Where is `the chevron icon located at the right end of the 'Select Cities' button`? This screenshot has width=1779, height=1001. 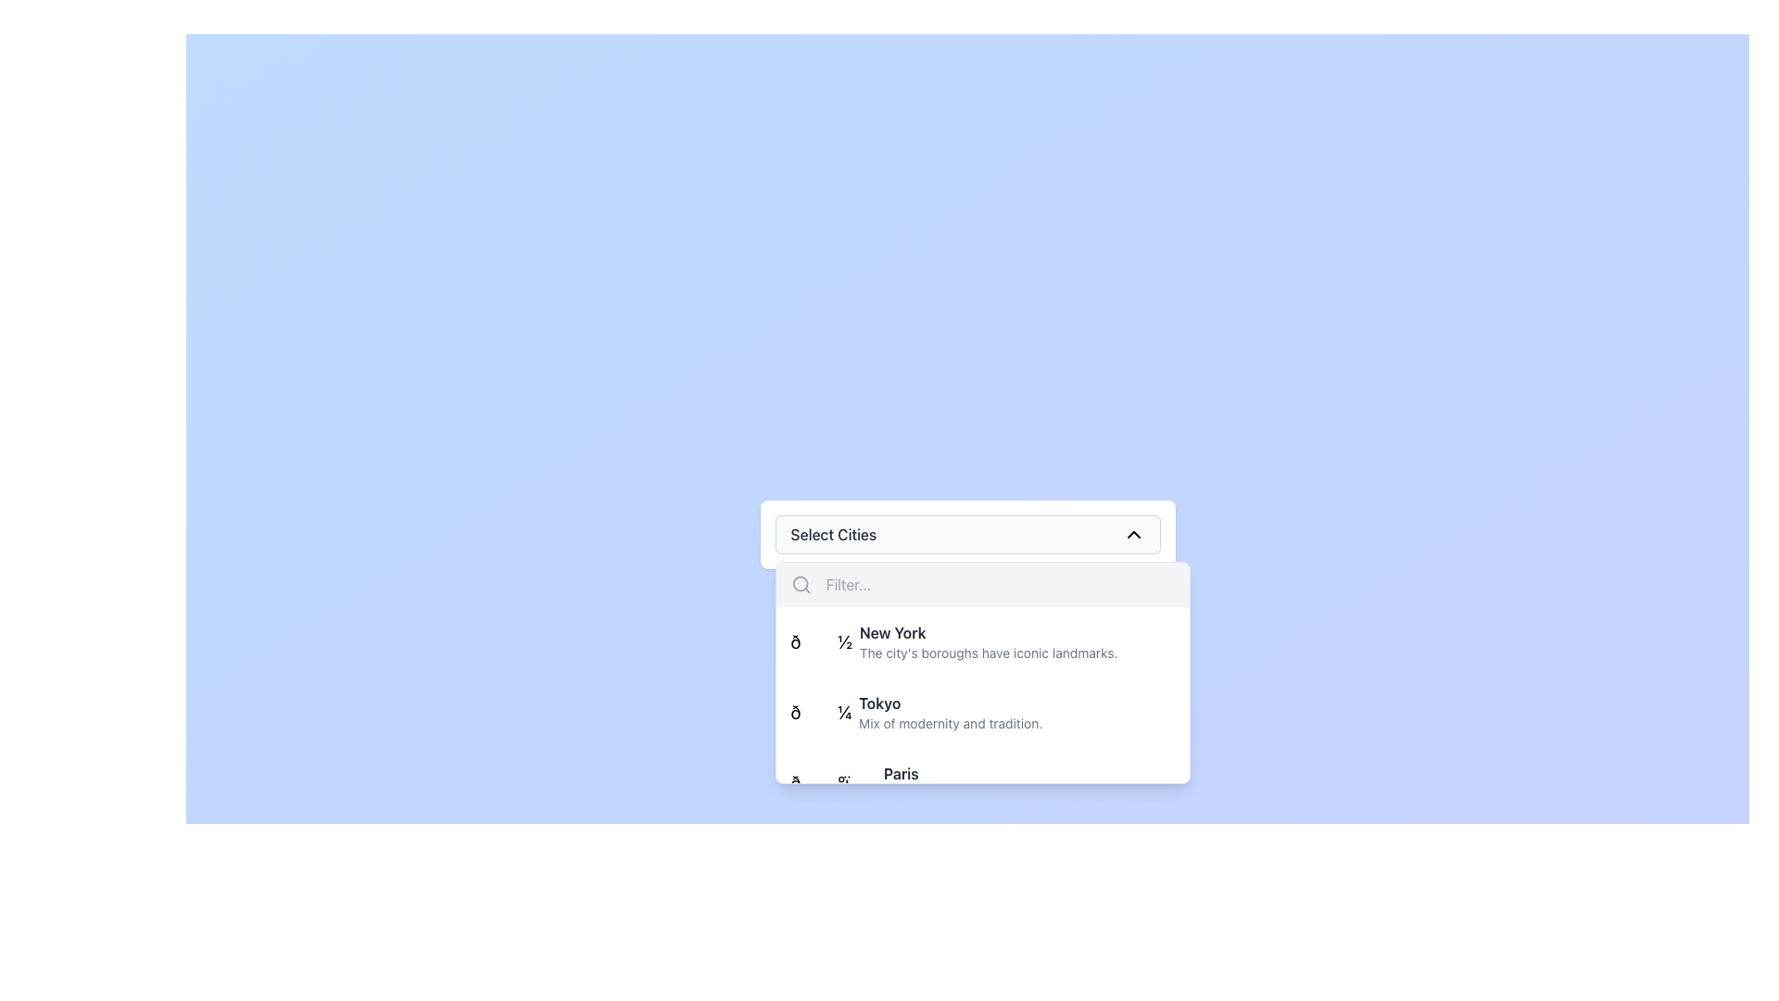 the chevron icon located at the right end of the 'Select Cities' button is located at coordinates (1132, 535).